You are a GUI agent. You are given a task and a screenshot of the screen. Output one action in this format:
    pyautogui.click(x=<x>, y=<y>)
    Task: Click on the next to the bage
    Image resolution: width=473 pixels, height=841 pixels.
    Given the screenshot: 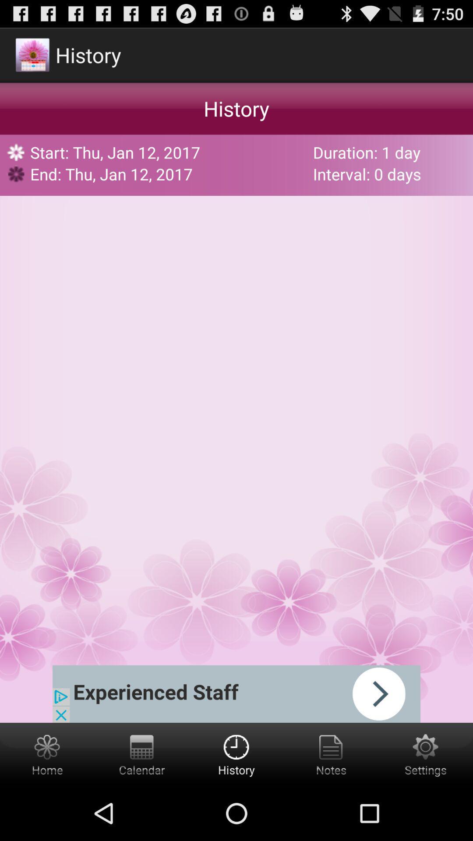 What is the action you would take?
    pyautogui.click(x=236, y=693)
    